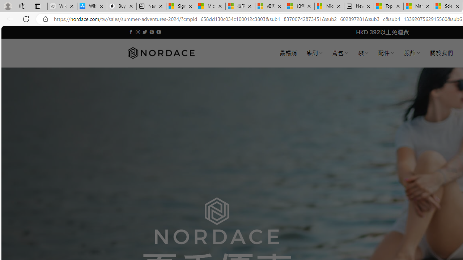 The image size is (463, 260). What do you see at coordinates (329, 6) in the screenshot?
I see `'Microsoft account | Account Checkup'` at bounding box center [329, 6].